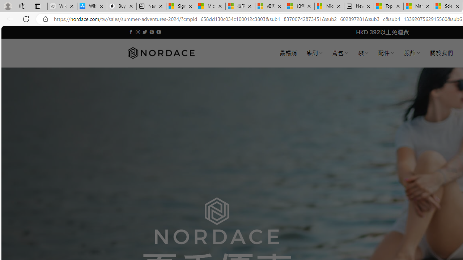 The image size is (463, 260). What do you see at coordinates (329, 6) in the screenshot?
I see `'Microsoft account | Account Checkup'` at bounding box center [329, 6].